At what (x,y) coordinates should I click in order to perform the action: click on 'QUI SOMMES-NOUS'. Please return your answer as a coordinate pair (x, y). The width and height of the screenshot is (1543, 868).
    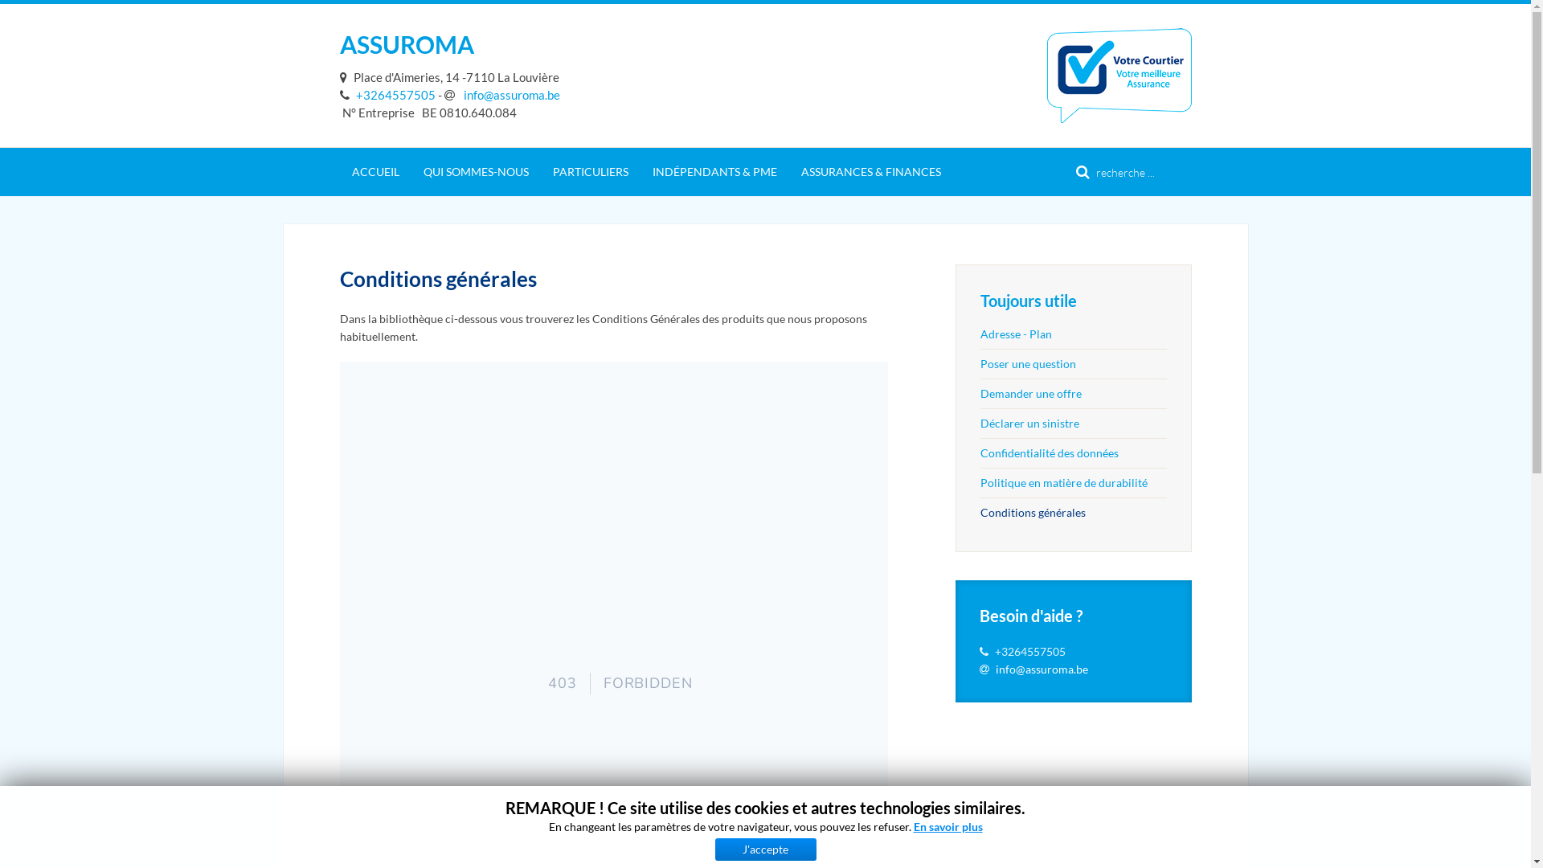
    Looking at the image, I should click on (475, 171).